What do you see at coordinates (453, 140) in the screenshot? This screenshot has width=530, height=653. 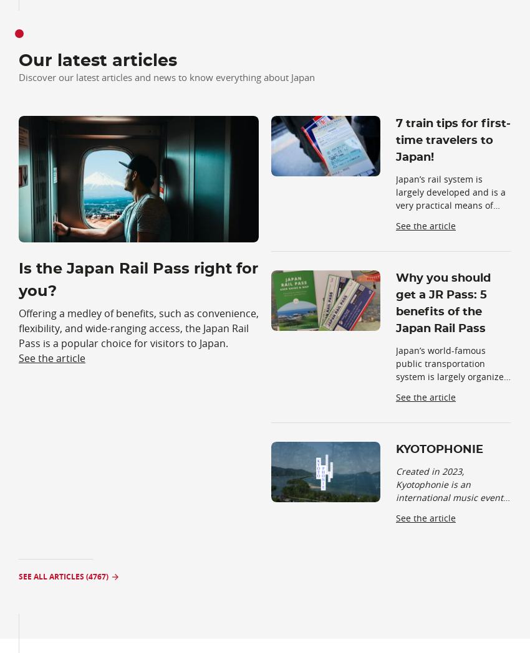 I see `'7 train tips for first-time travelers to Japan!'` at bounding box center [453, 140].